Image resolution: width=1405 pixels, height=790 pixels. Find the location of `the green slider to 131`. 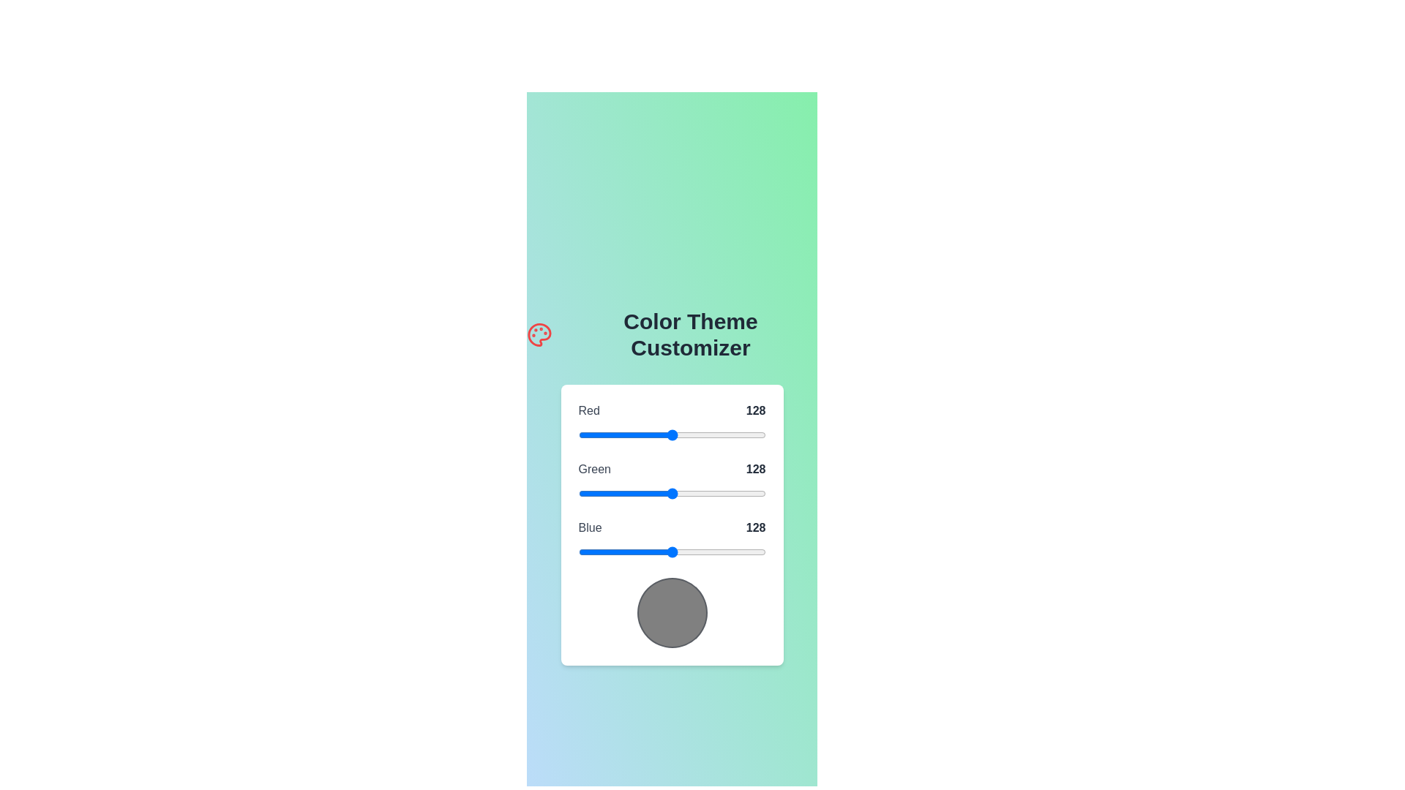

the green slider to 131 is located at coordinates (673, 494).